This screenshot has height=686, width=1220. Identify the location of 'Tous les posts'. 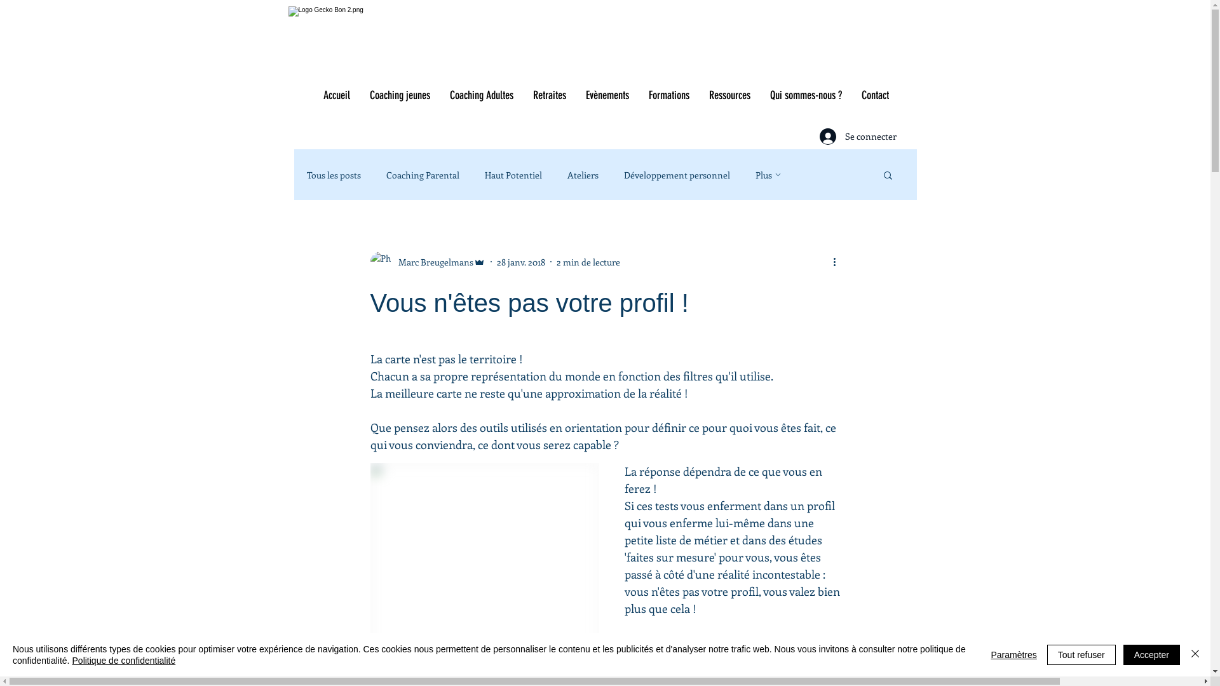
(306, 175).